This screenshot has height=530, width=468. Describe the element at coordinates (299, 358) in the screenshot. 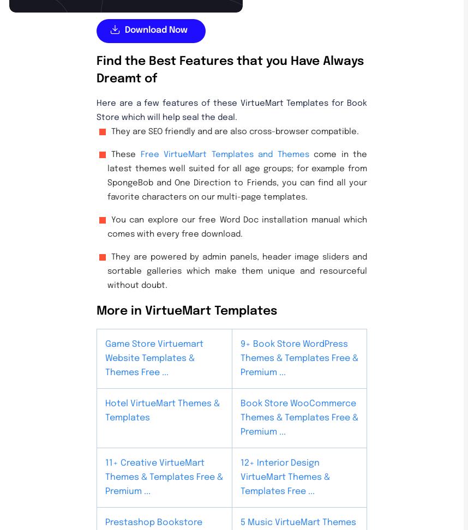

I see `'9+ Book Store WordPress Themes & Templates Free & Premium ...'` at that location.